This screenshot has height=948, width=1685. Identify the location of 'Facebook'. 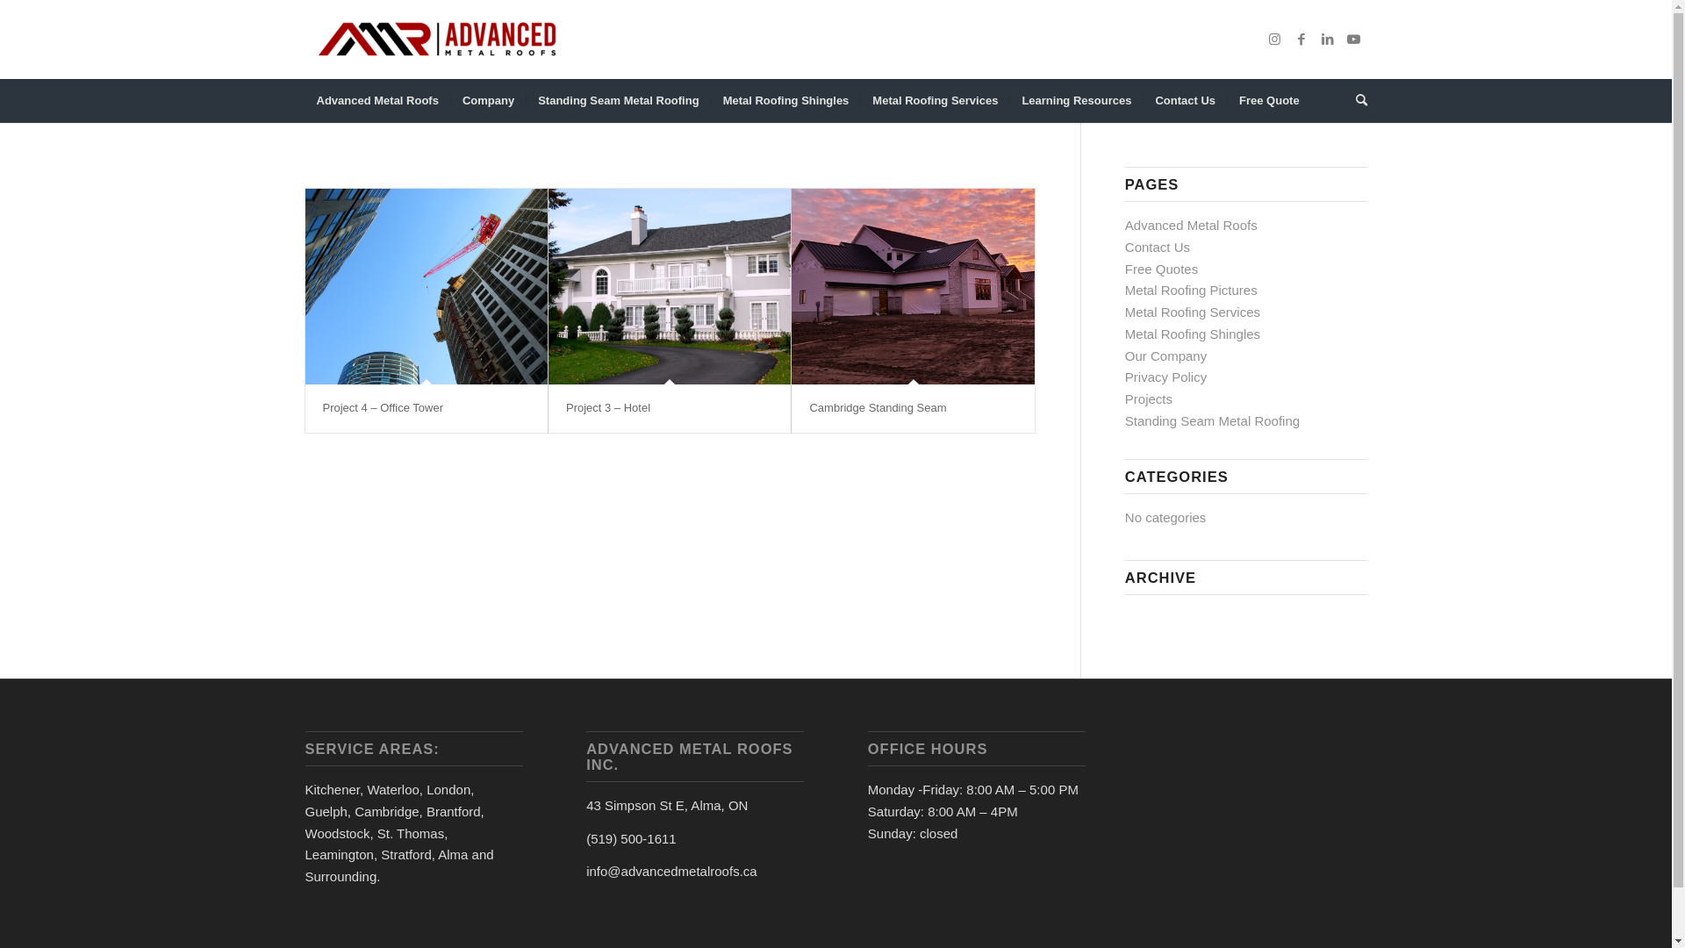
(1301, 39).